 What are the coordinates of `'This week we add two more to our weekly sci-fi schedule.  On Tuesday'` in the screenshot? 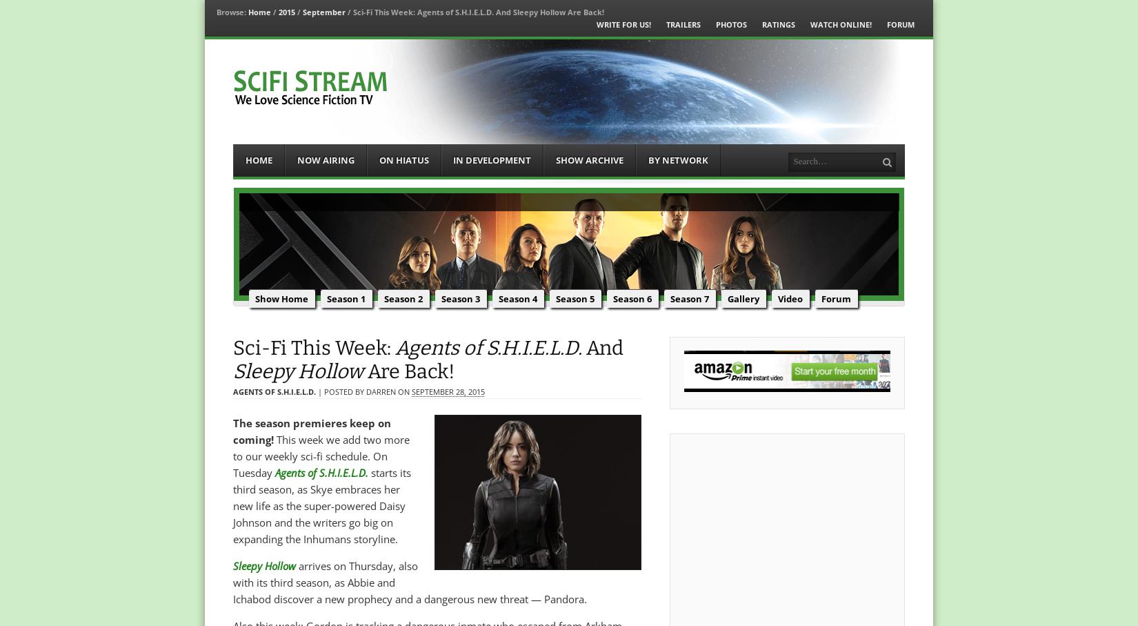 It's located at (320, 455).